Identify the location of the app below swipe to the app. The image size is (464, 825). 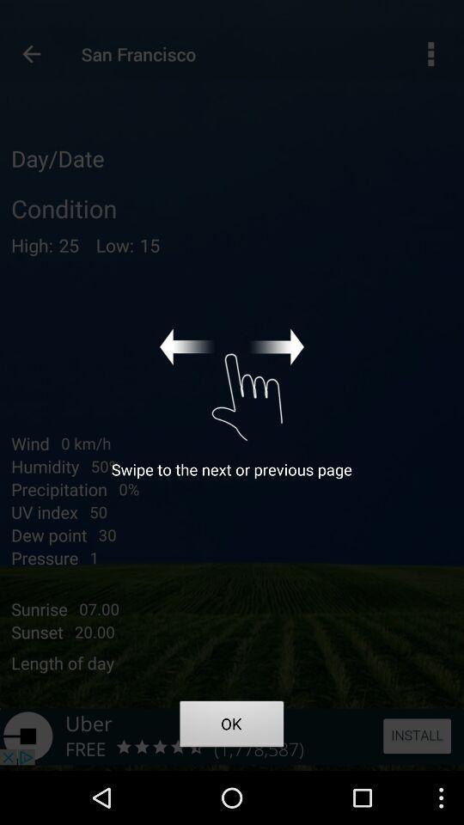
(232, 725).